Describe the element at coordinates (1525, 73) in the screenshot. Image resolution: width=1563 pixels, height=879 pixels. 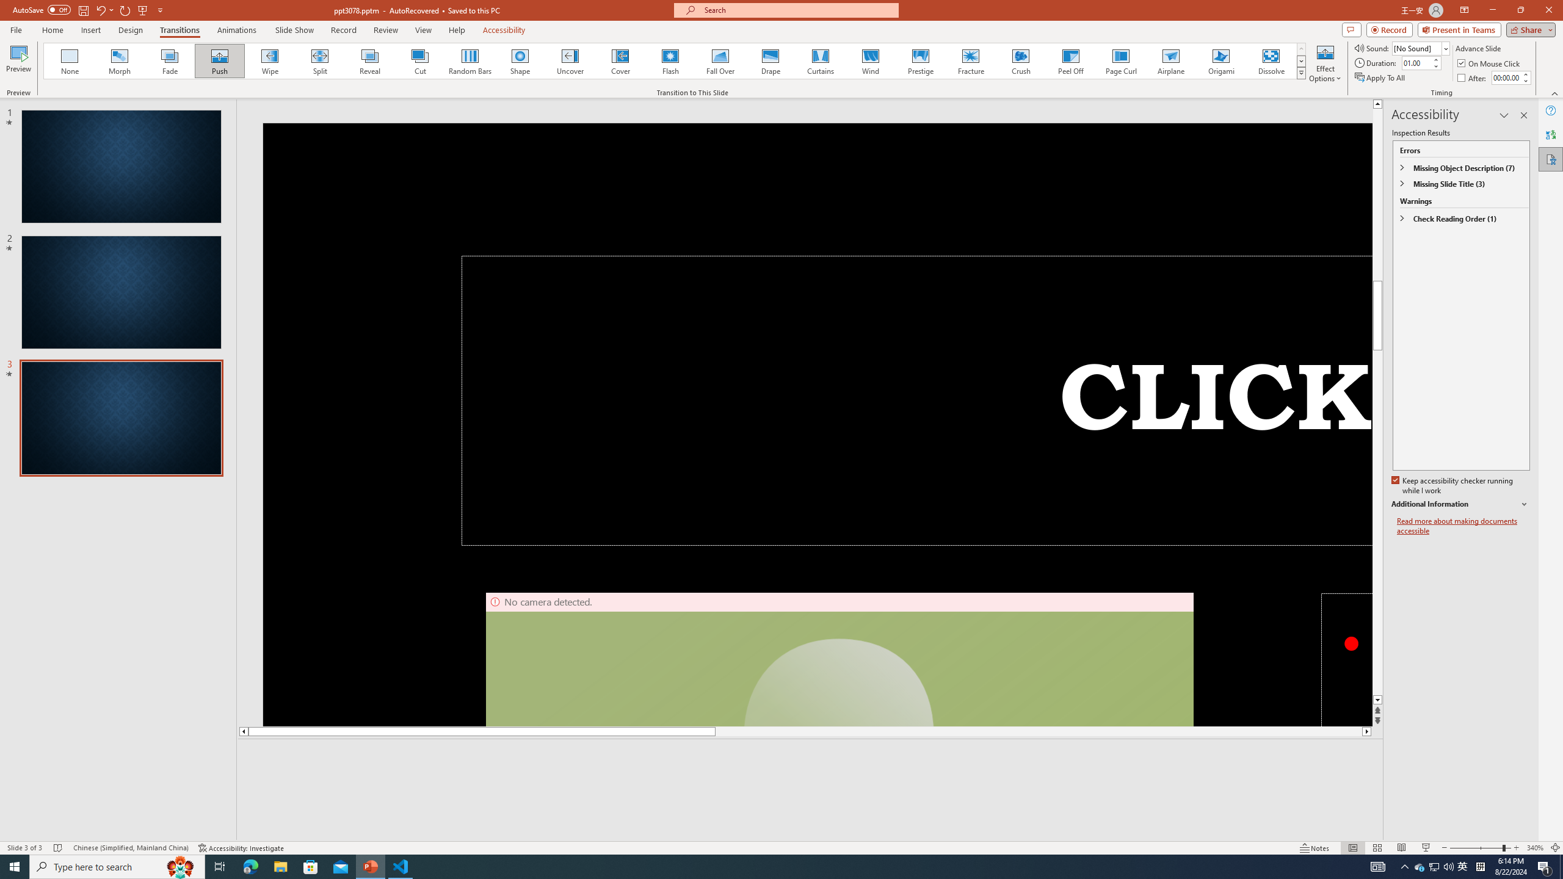
I see `'More'` at that location.